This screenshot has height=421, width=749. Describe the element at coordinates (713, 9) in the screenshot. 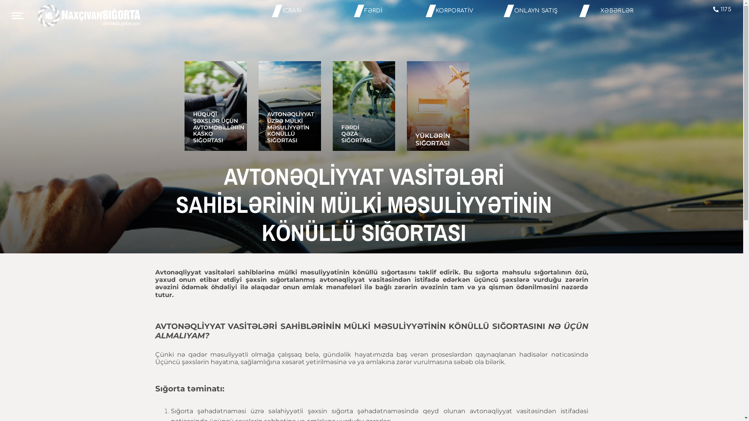

I see `'1175'` at that location.